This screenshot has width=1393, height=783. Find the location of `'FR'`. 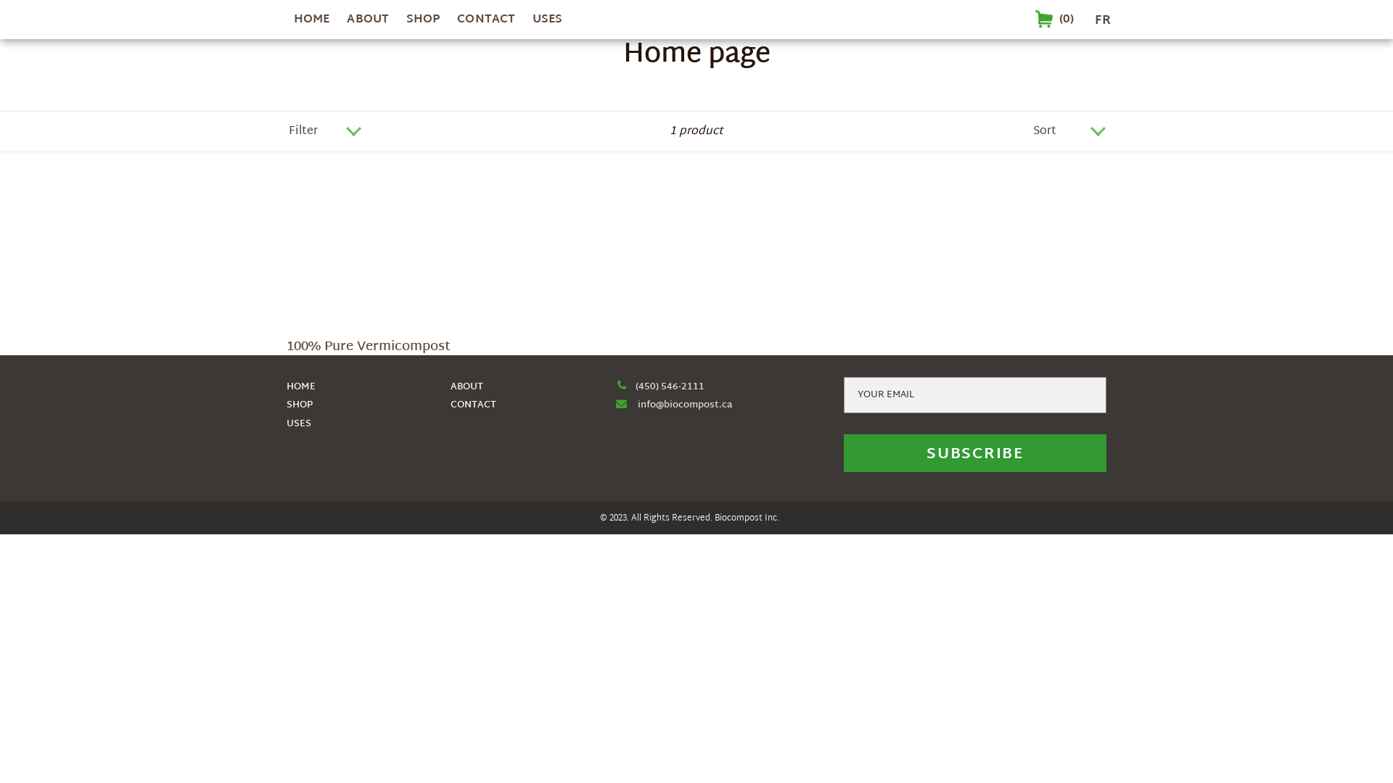

'FR' is located at coordinates (1094, 20).